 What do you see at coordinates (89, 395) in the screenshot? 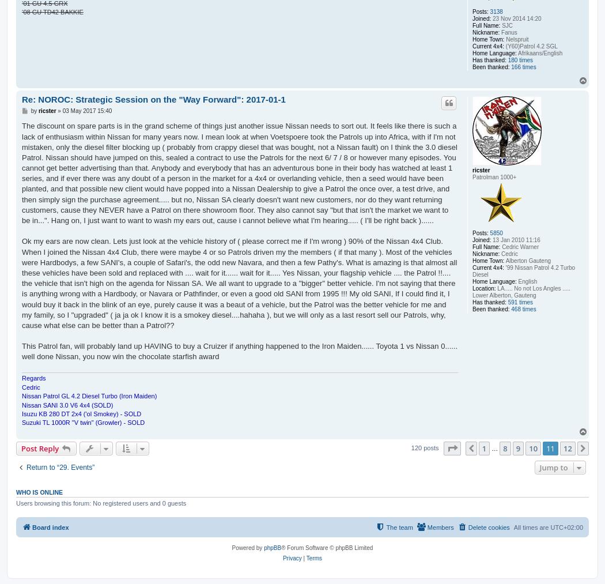
I see `'Nissan Patrol GL 4.2 Diesel Turbo (Iron Maiden)'` at bounding box center [89, 395].